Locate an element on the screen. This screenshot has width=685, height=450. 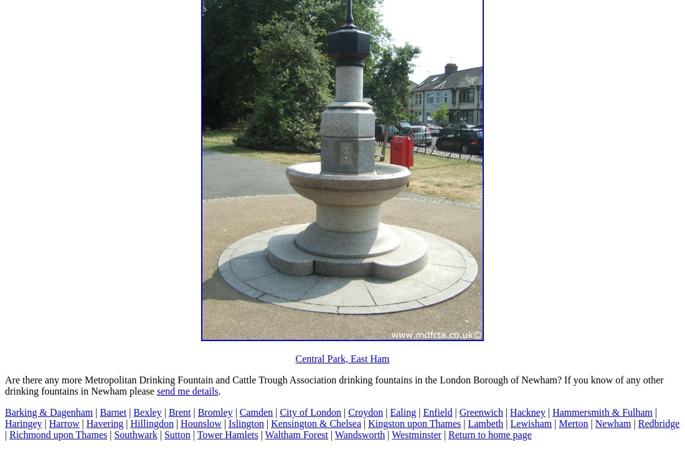
'Newham' is located at coordinates (612, 422).